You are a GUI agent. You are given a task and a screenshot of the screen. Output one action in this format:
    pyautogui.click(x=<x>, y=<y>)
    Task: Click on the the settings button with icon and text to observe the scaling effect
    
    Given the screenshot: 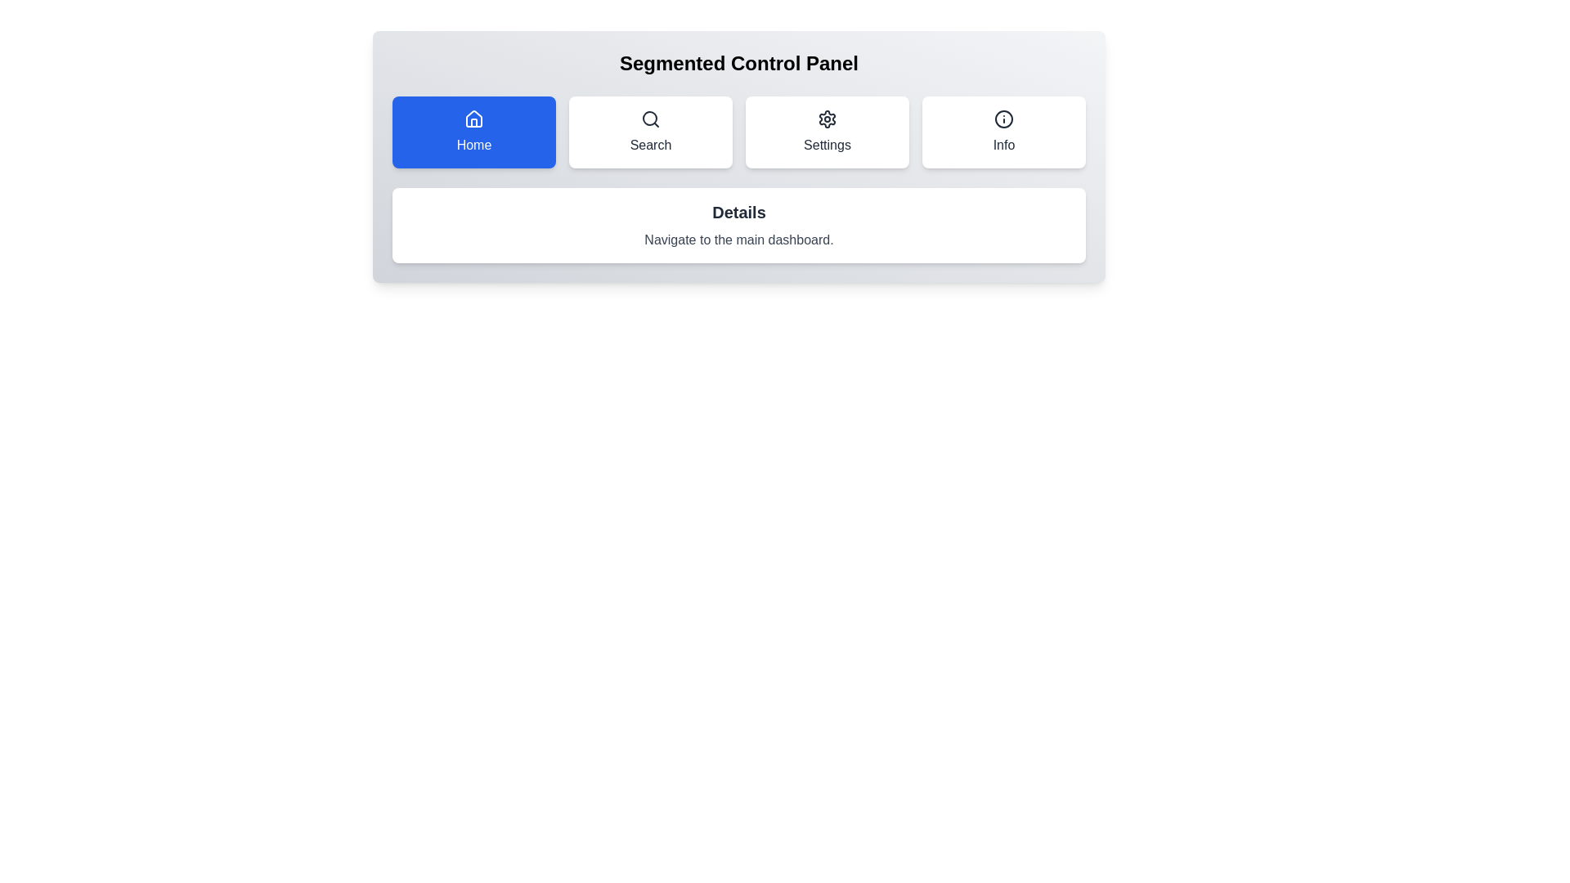 What is the action you would take?
    pyautogui.click(x=828, y=132)
    